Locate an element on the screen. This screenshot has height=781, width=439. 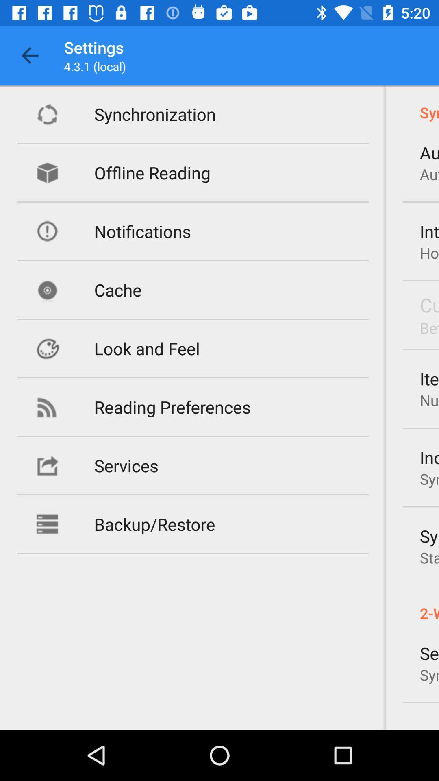
item below the 2 way sync is located at coordinates (429, 653).